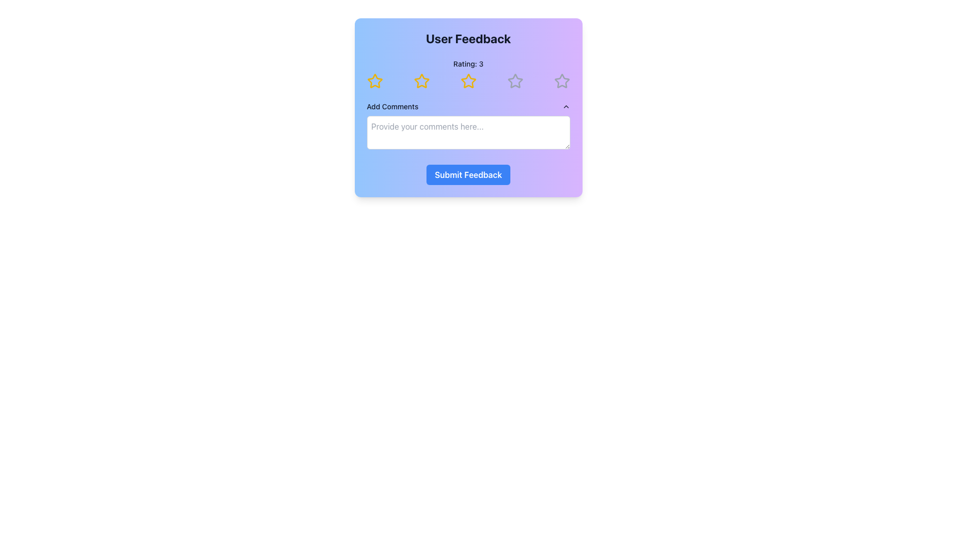  Describe the element at coordinates (374, 80) in the screenshot. I see `the cursor across the star rating control` at that location.